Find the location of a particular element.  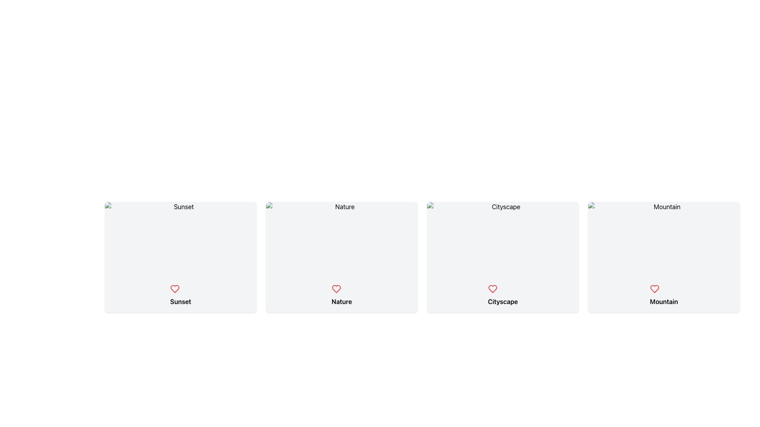

the placeholder image titled 'Sunset' is located at coordinates (180, 239).